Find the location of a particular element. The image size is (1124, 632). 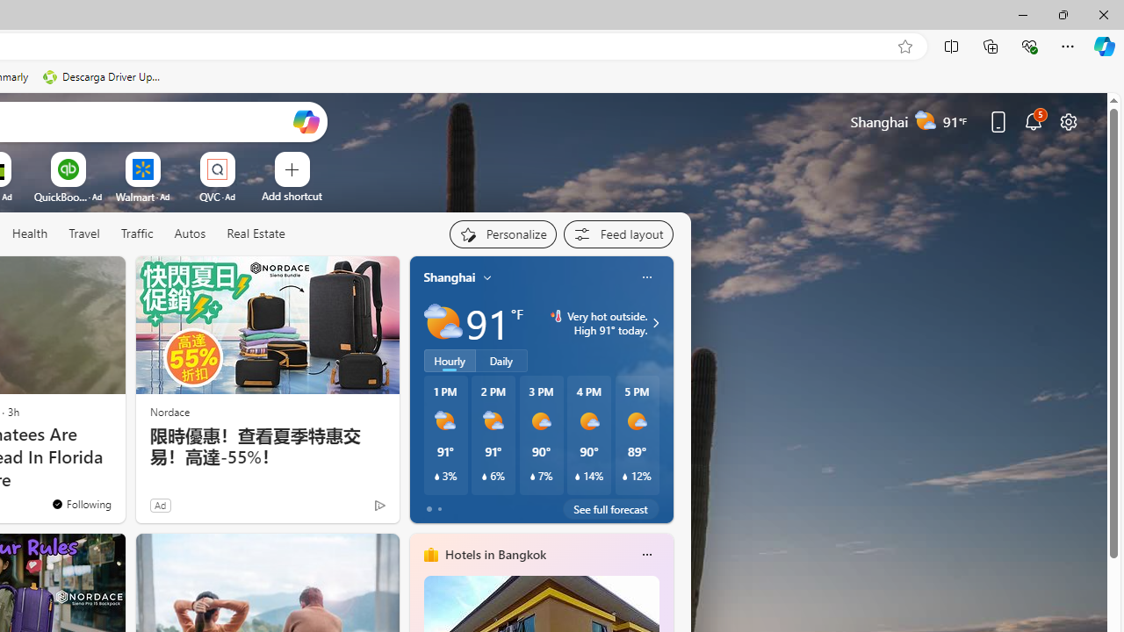

'Hide this story' is located at coordinates (71, 276).